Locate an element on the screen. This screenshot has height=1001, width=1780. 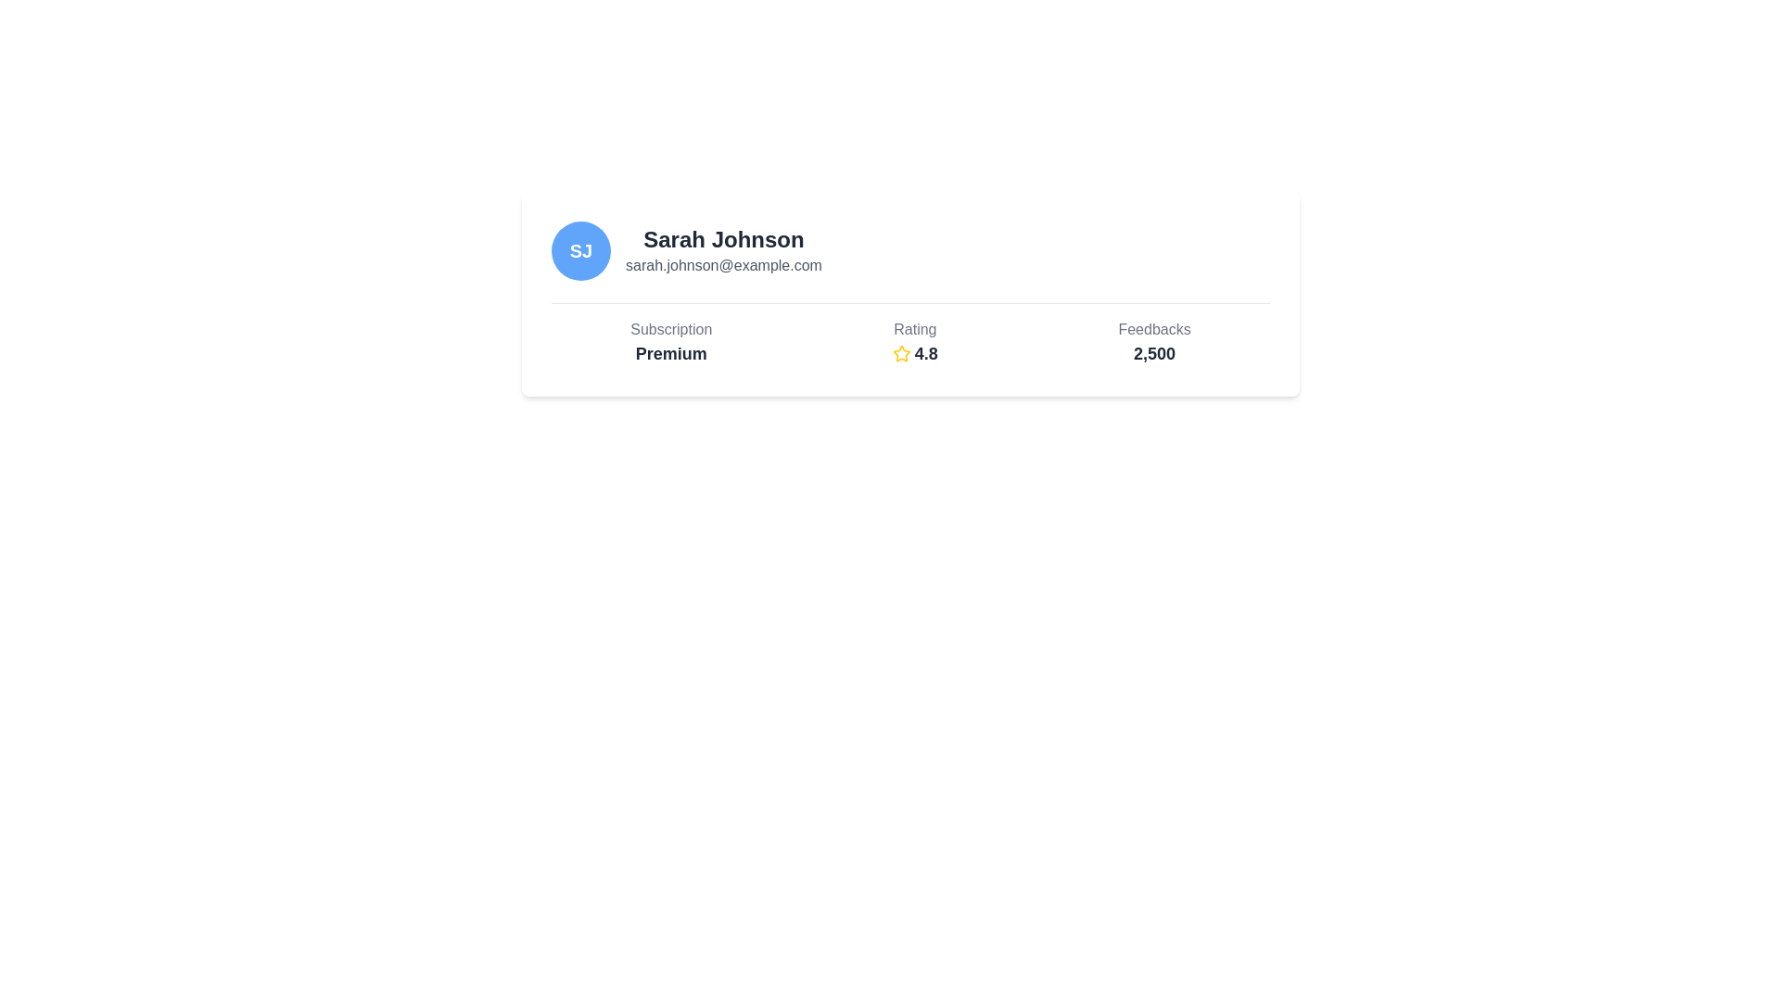
the Rating display component, which is located between the 'Premium' label on the left and '2,500' on the right is located at coordinates (915, 343).